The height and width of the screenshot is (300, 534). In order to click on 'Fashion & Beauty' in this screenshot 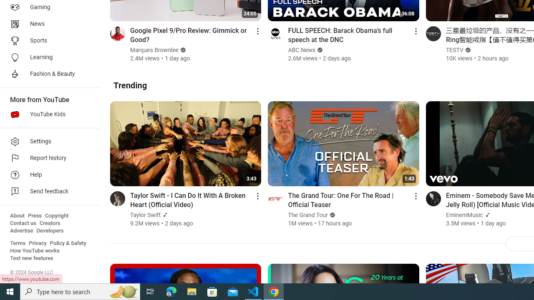, I will do `click(47, 73)`.